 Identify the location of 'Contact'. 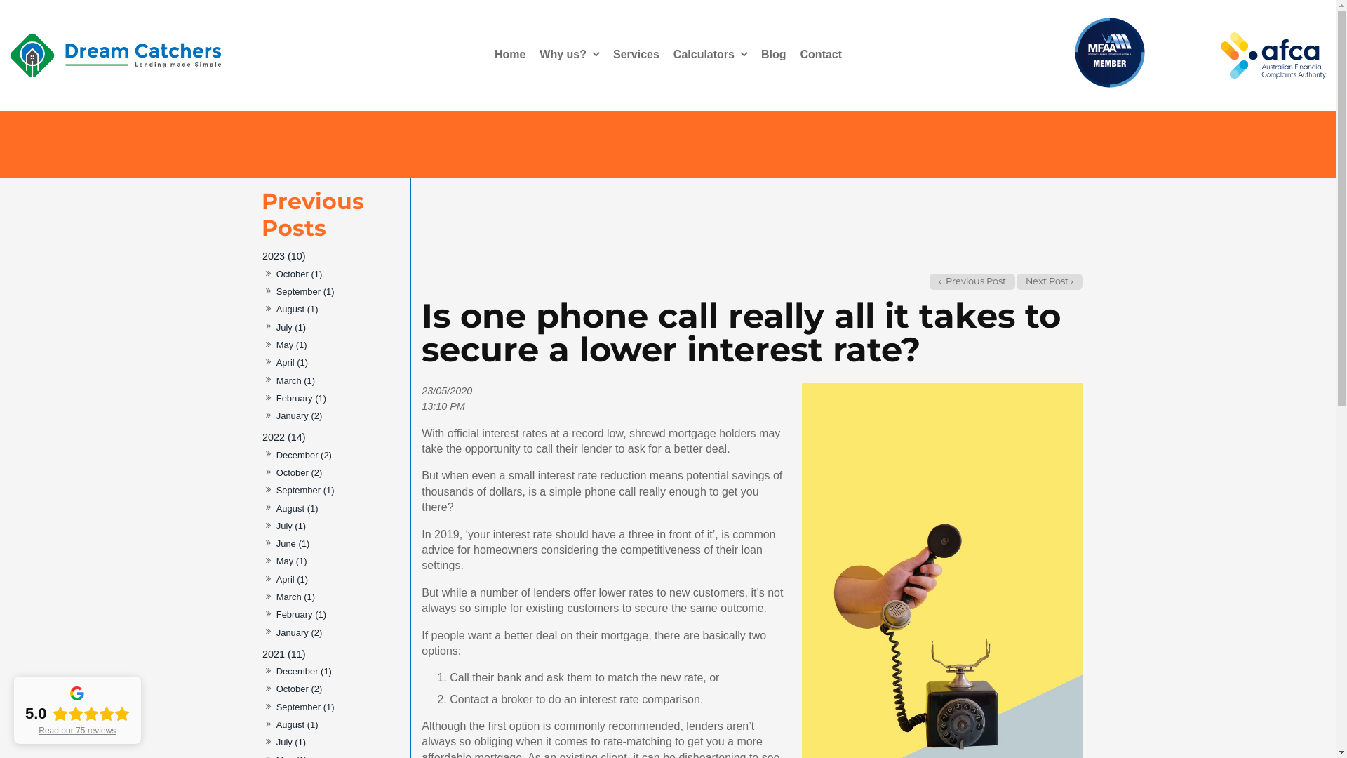
(793, 54).